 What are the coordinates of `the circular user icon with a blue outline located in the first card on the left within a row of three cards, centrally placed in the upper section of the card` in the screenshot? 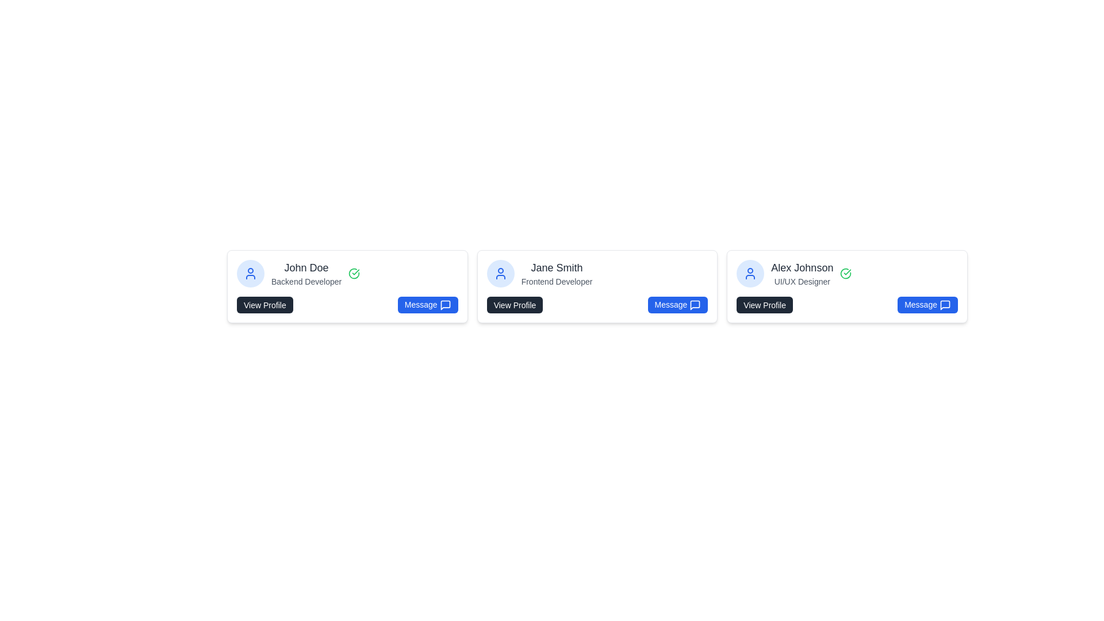 It's located at (500, 273).